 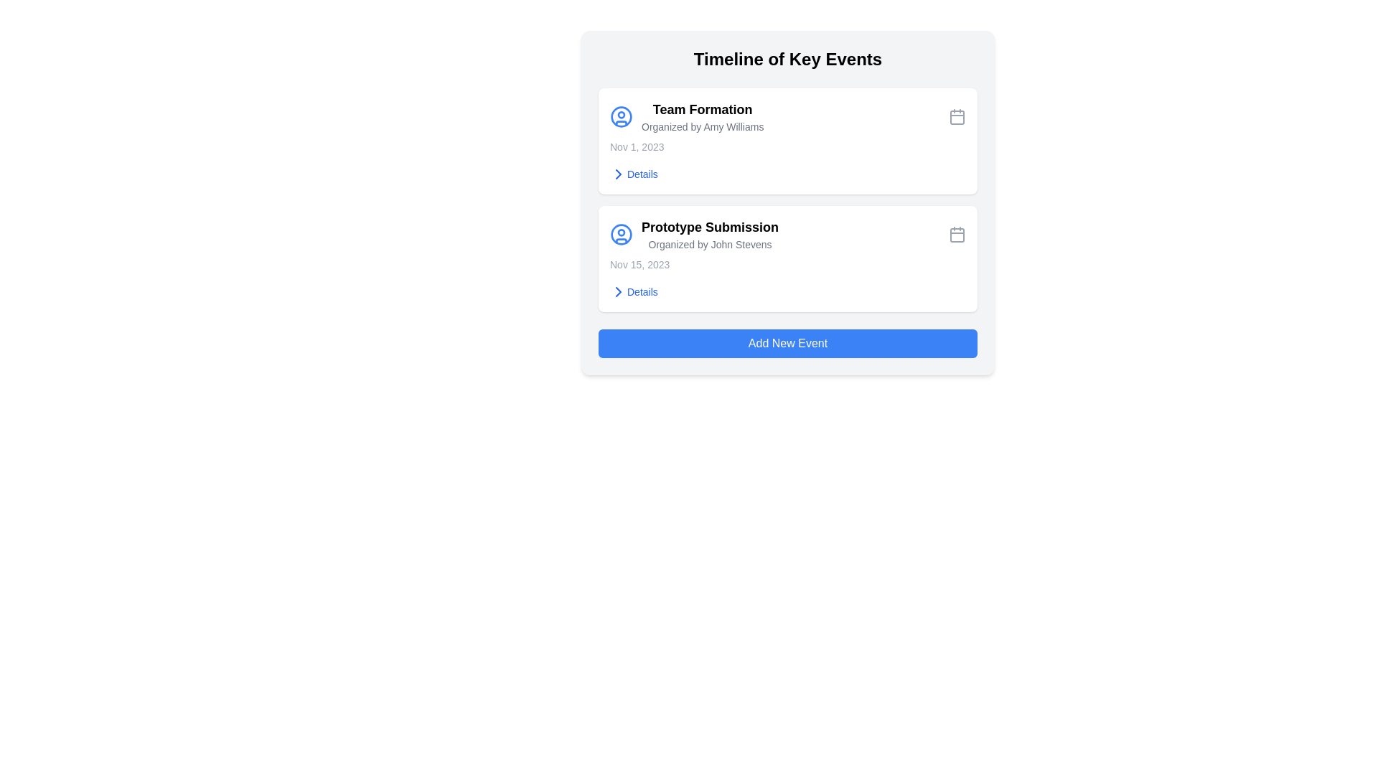 I want to click on the clickable text with an accompanying icon located in the bottom-left corner of the first event card, below the 'Team Formation' title and organizer information, so click(x=633, y=174).